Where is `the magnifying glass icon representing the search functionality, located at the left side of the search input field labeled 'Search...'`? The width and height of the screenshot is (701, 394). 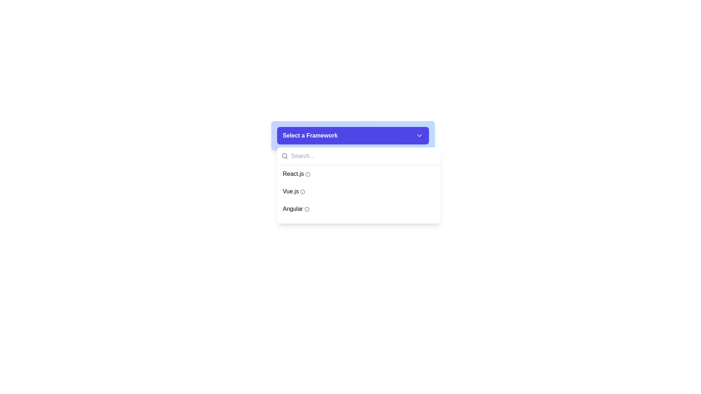 the magnifying glass icon representing the search functionality, located at the left side of the search input field labeled 'Search...' is located at coordinates (284, 156).